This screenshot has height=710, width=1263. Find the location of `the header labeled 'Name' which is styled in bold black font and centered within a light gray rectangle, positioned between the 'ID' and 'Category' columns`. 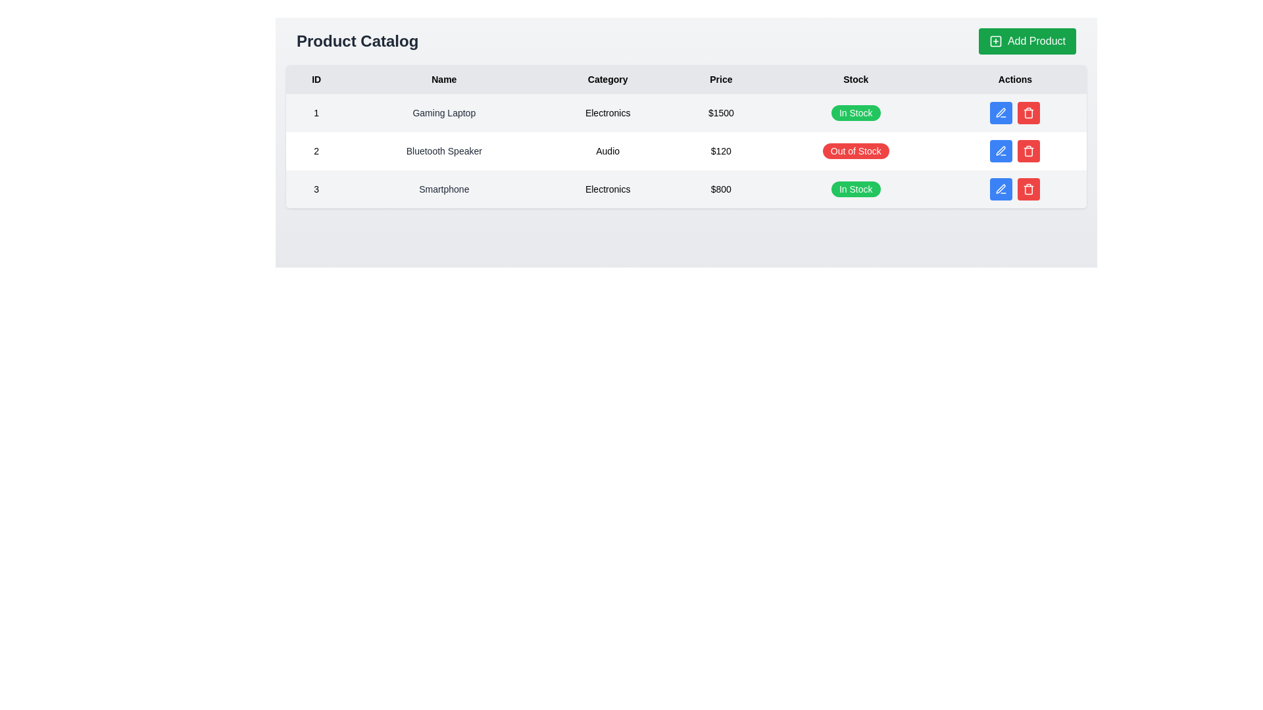

the header labeled 'Name' which is styled in bold black font and centered within a light gray rectangle, positioned between the 'ID' and 'Category' columns is located at coordinates (444, 79).